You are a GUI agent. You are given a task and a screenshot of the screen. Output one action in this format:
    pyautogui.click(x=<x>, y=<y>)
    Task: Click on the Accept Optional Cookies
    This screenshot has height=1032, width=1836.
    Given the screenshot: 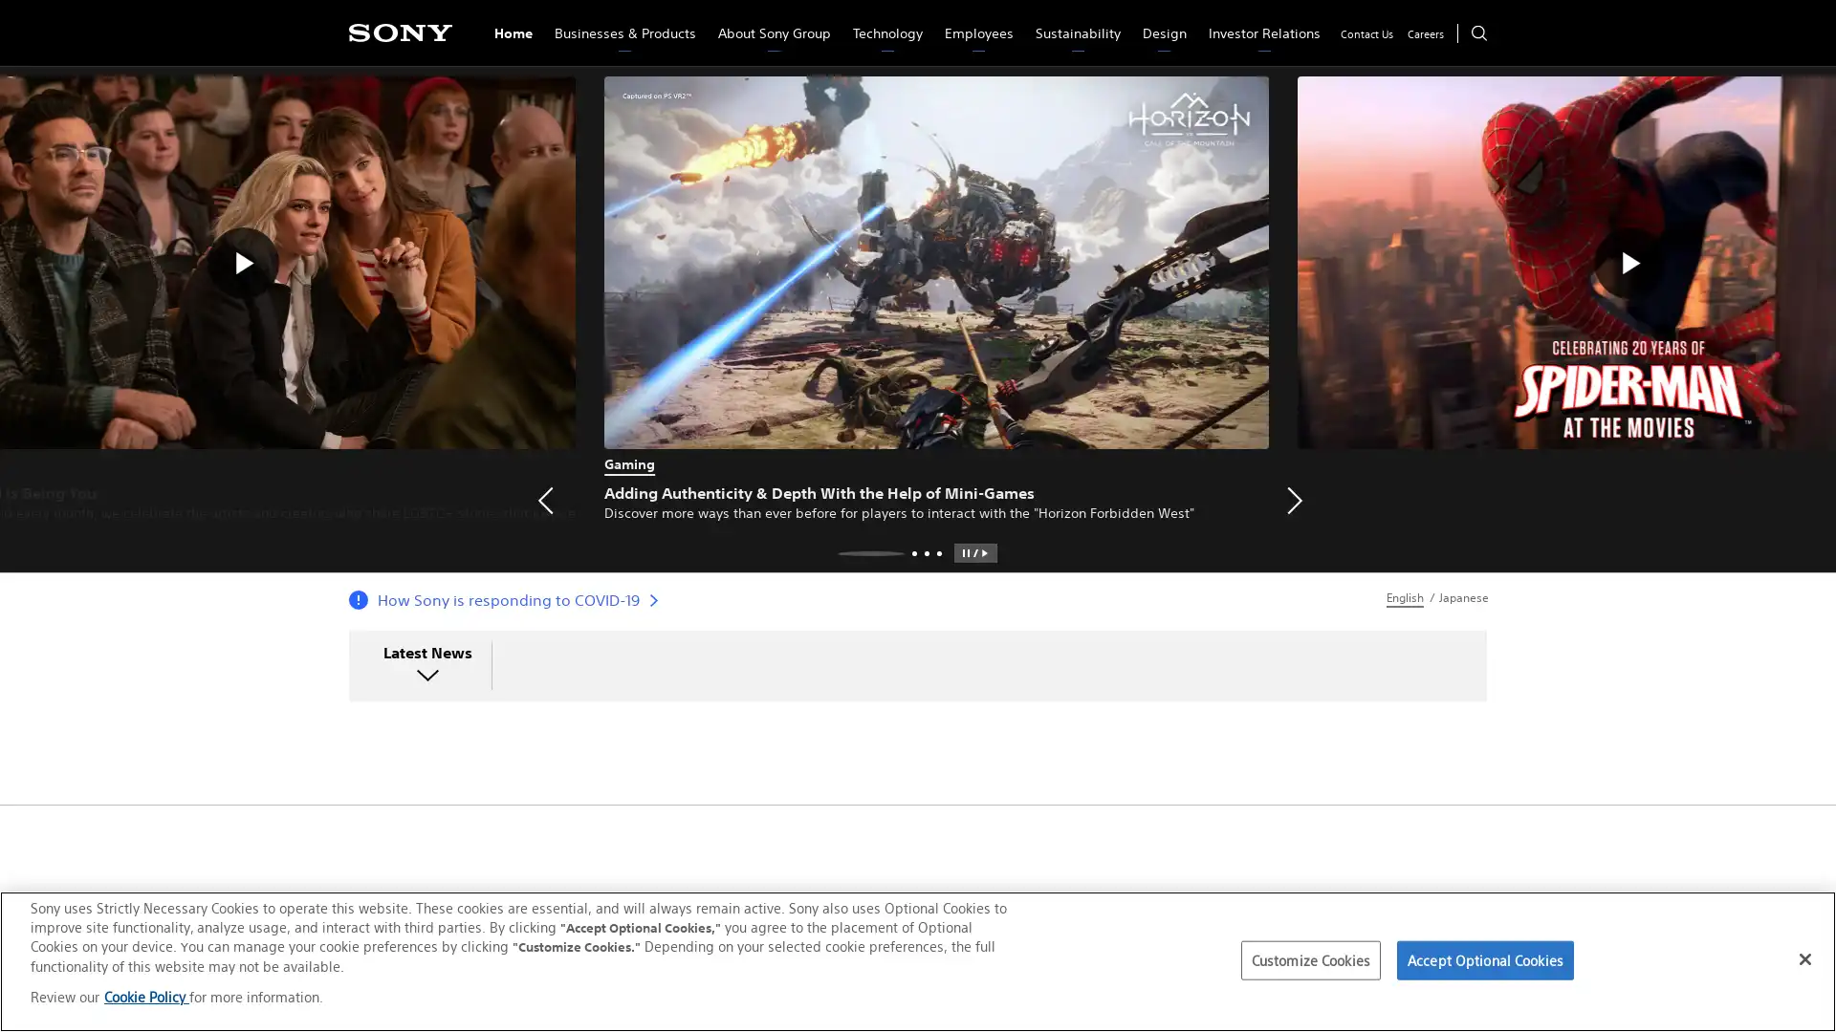 What is the action you would take?
    pyautogui.click(x=1484, y=960)
    